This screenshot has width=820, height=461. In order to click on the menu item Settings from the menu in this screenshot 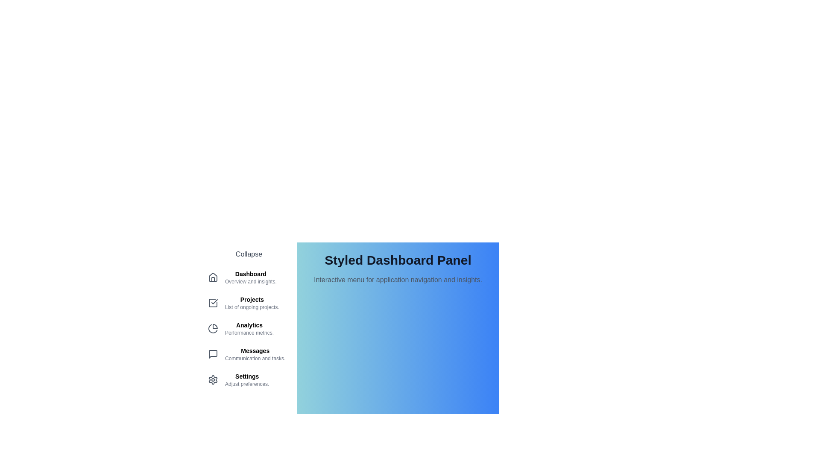, I will do `click(248, 379)`.